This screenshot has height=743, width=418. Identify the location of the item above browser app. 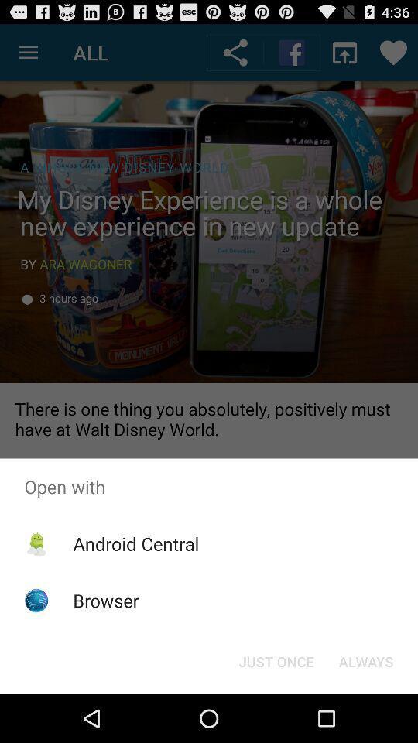
(135, 543).